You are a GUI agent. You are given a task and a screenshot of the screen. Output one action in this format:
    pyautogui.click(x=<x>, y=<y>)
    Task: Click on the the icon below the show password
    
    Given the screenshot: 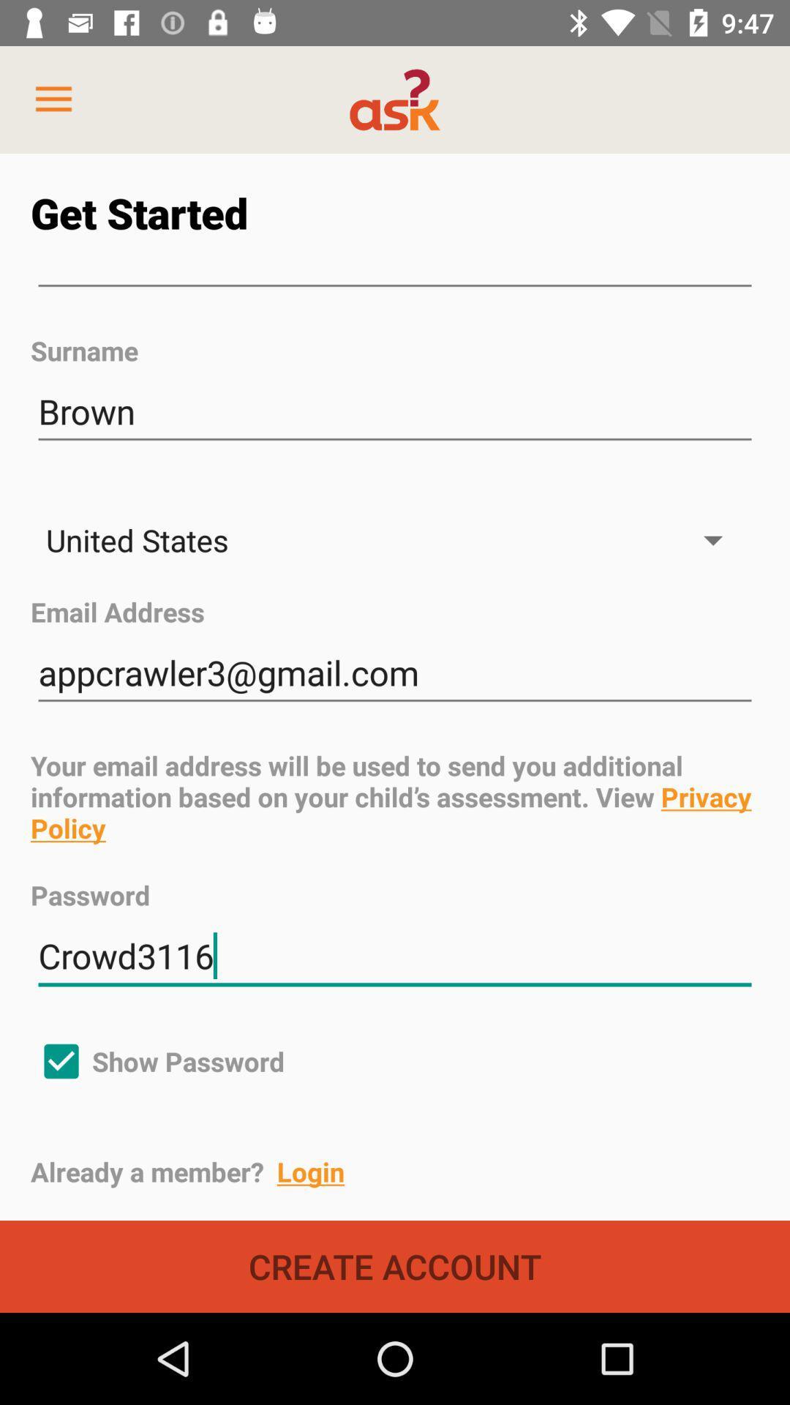 What is the action you would take?
    pyautogui.click(x=410, y=1172)
    